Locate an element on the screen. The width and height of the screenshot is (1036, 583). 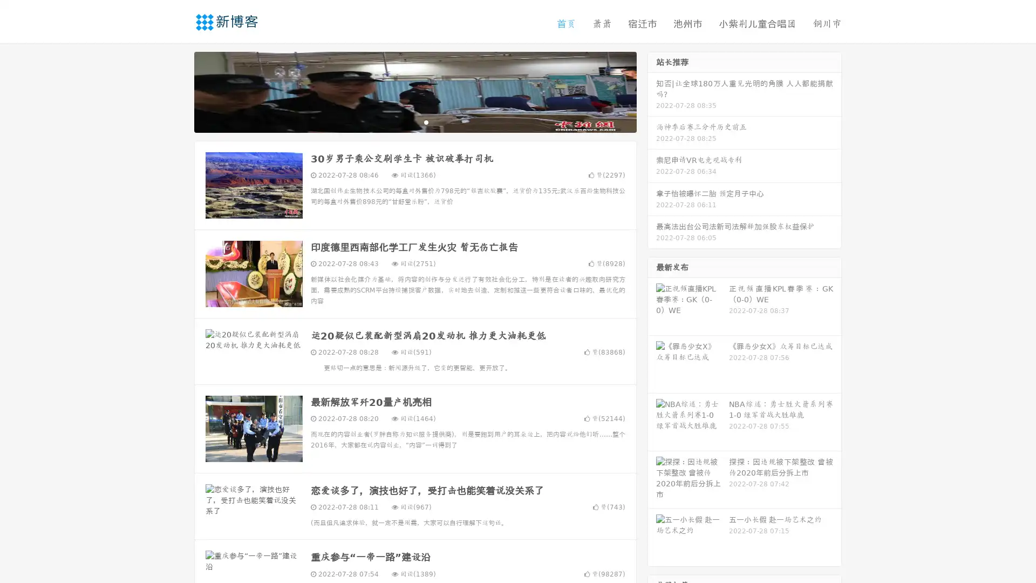
Go to slide 1 is located at coordinates (404, 121).